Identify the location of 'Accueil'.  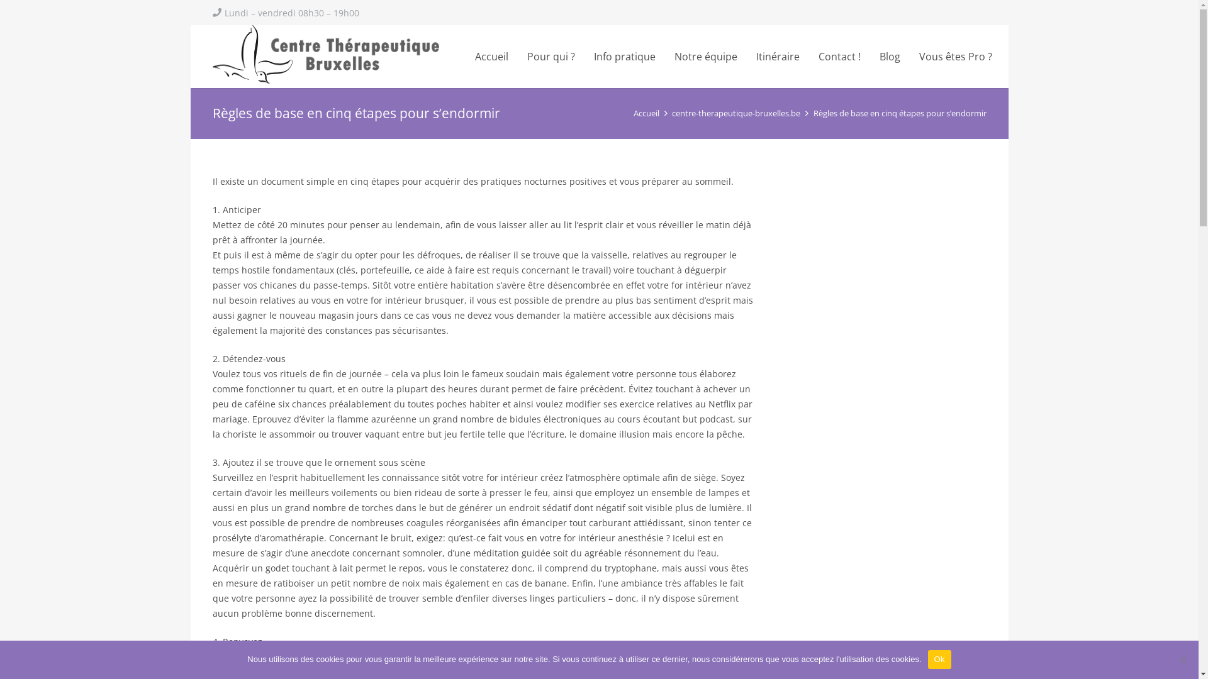
(646, 113).